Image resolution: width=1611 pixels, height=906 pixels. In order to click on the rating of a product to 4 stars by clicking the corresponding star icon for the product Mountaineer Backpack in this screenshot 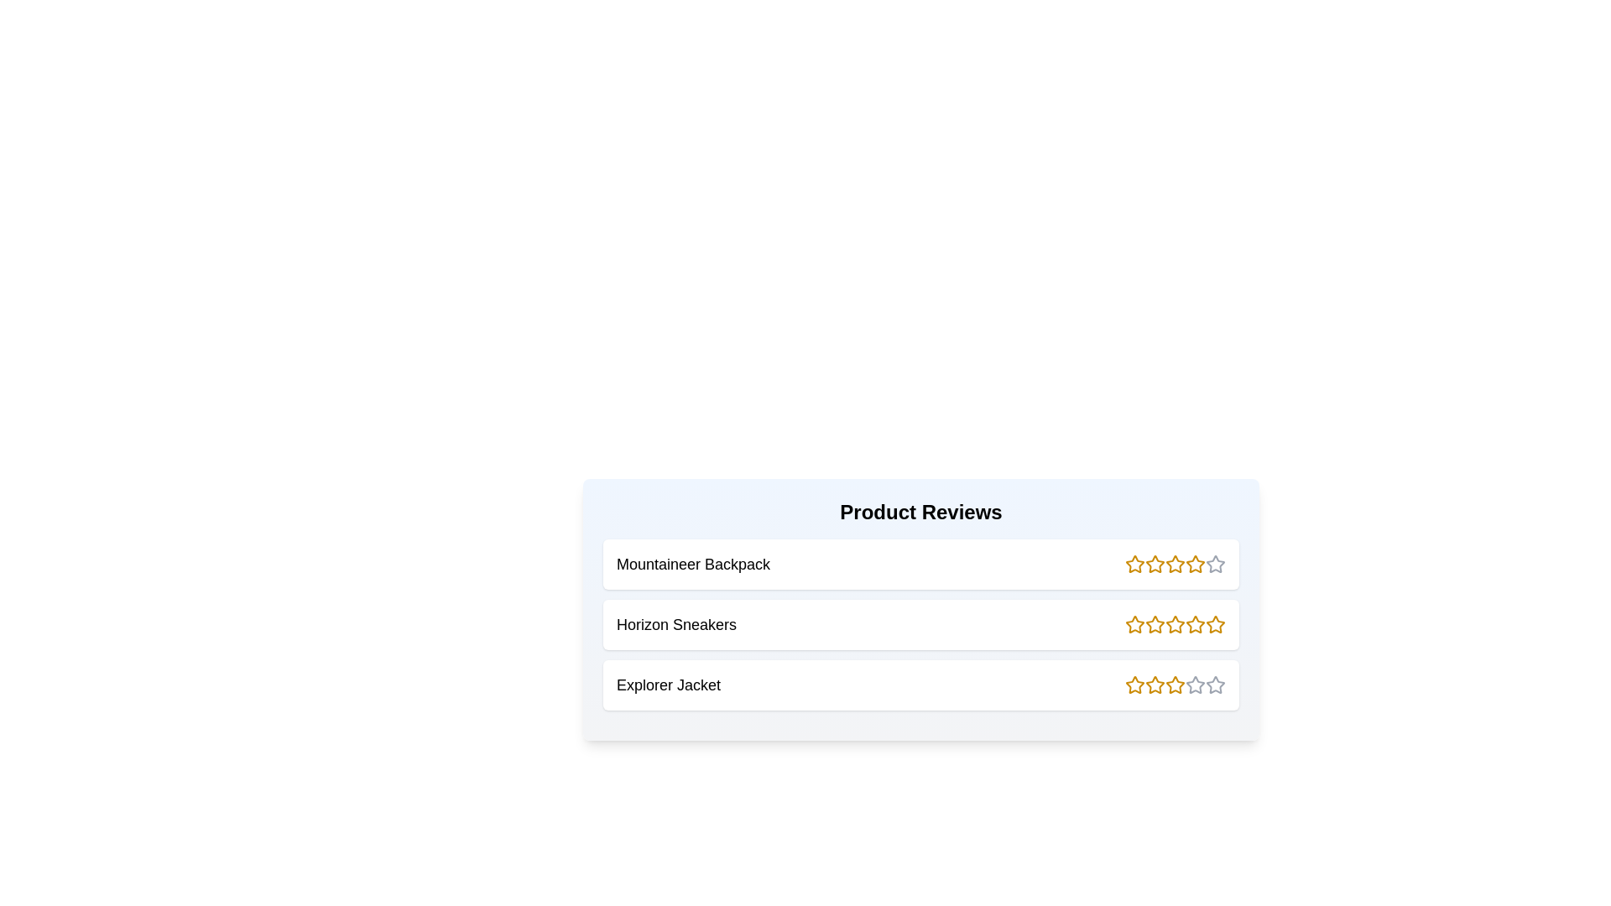, I will do `click(1195, 564)`.